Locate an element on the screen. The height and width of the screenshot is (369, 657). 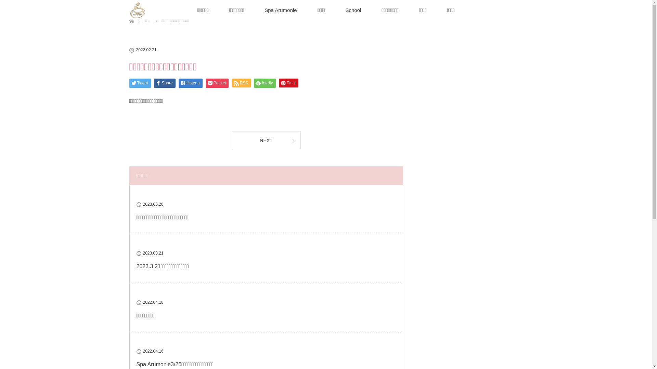
'Tweet' is located at coordinates (140, 83).